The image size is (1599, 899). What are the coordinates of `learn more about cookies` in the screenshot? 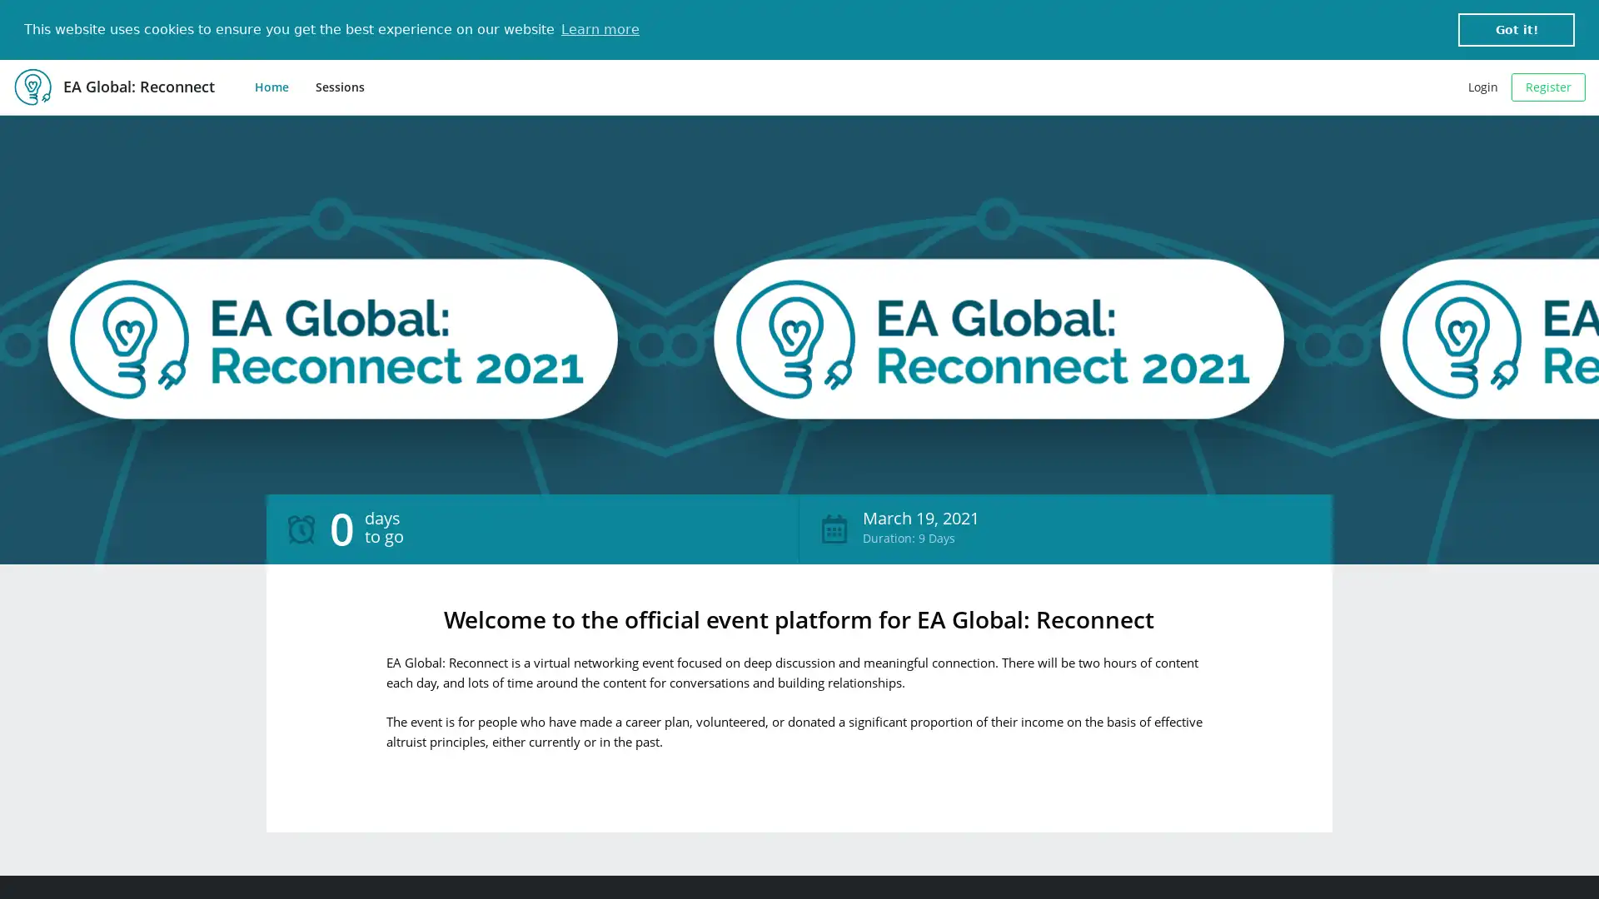 It's located at (600, 28).